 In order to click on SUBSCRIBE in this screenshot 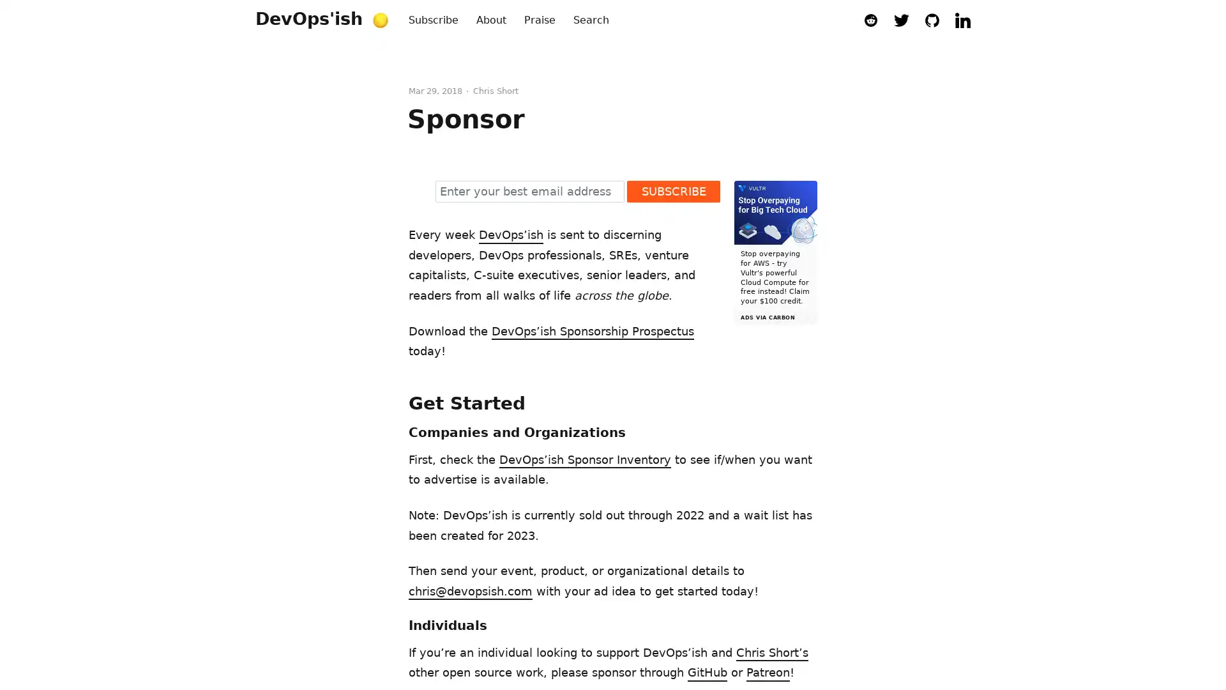, I will do `click(673, 192)`.